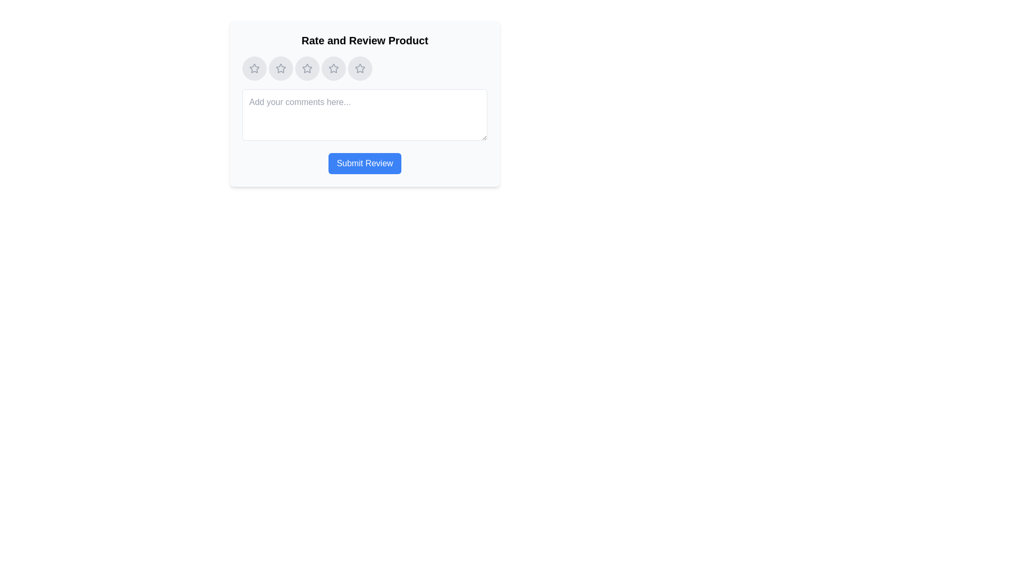  What do you see at coordinates (306, 69) in the screenshot?
I see `the second star icon in the rating system, which is positioned directly below the 'Rate and Review Product' title` at bounding box center [306, 69].